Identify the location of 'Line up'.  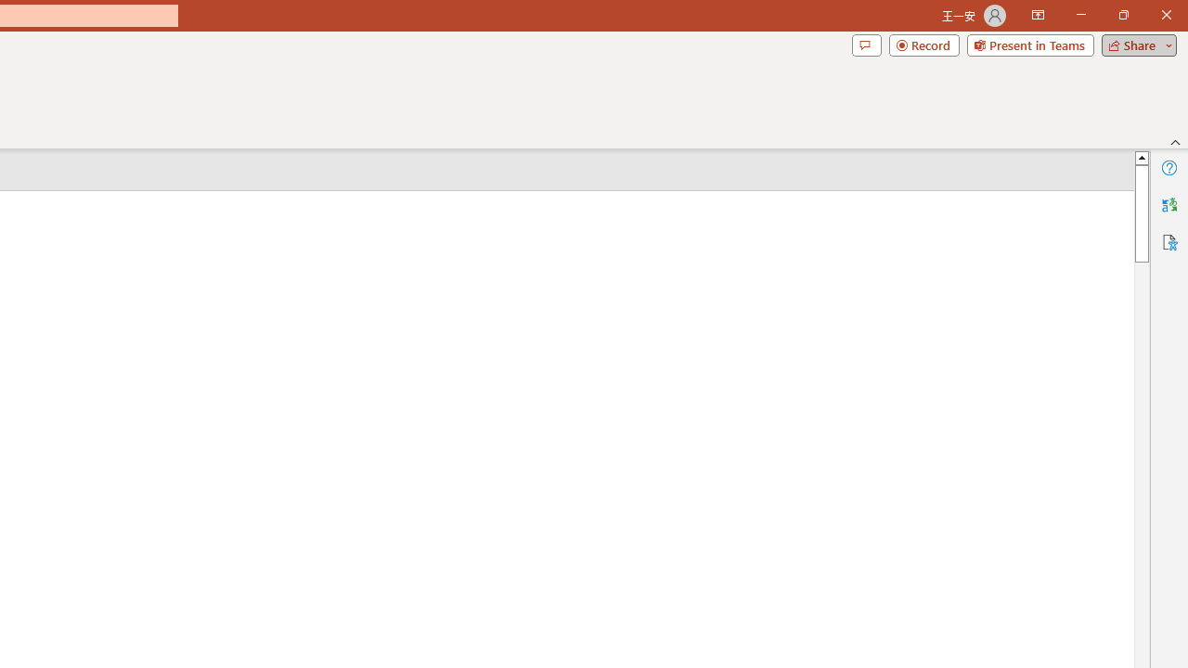
(1141, 156).